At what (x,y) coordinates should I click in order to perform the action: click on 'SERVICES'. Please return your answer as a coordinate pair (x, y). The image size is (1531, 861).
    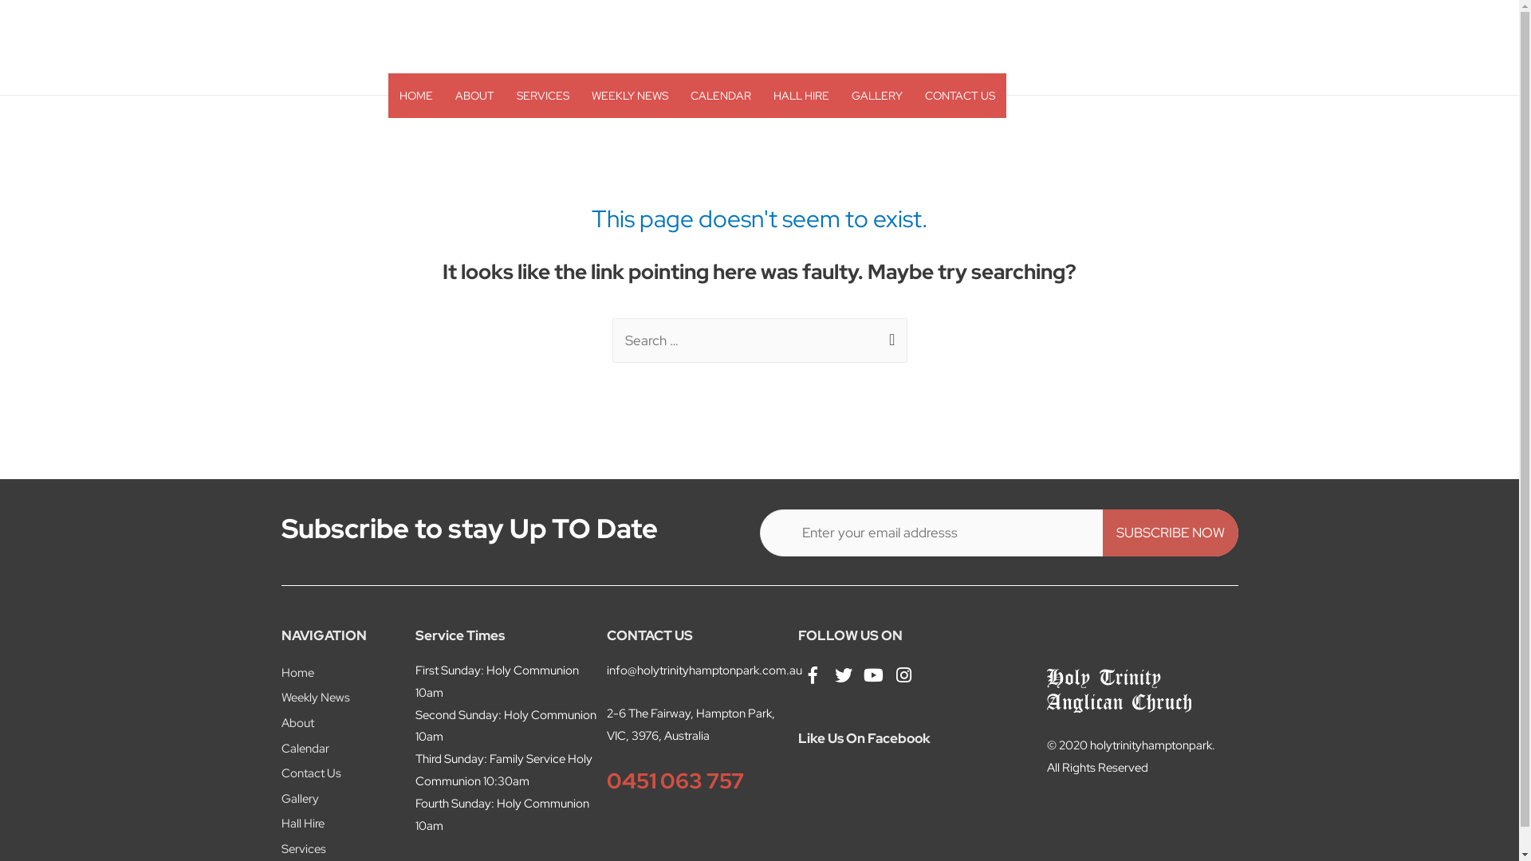
    Looking at the image, I should click on (504, 95).